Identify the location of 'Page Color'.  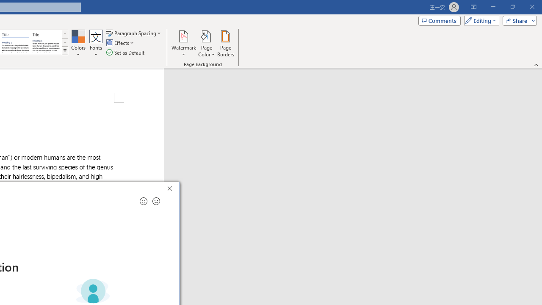
(207, 44).